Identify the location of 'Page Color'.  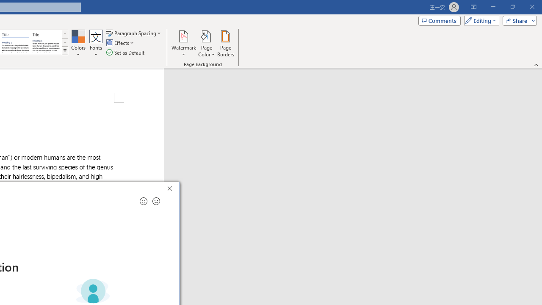
(207, 44).